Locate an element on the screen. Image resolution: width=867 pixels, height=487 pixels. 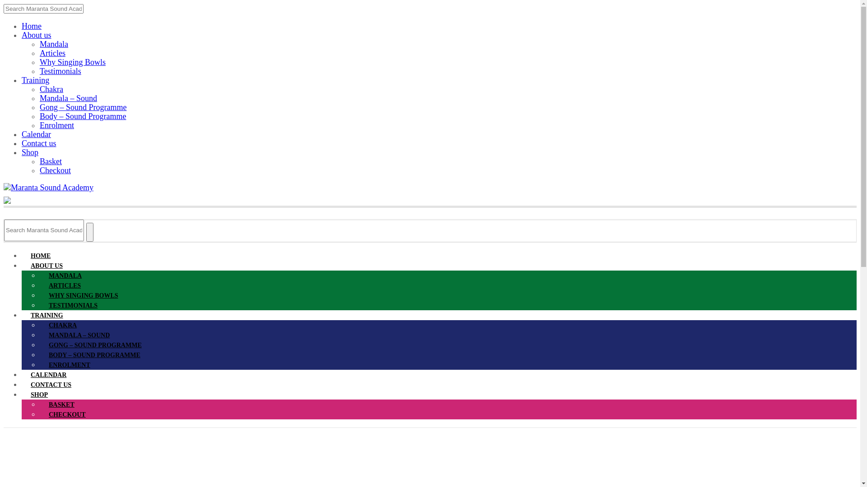
'Enrolment' is located at coordinates (56, 125).